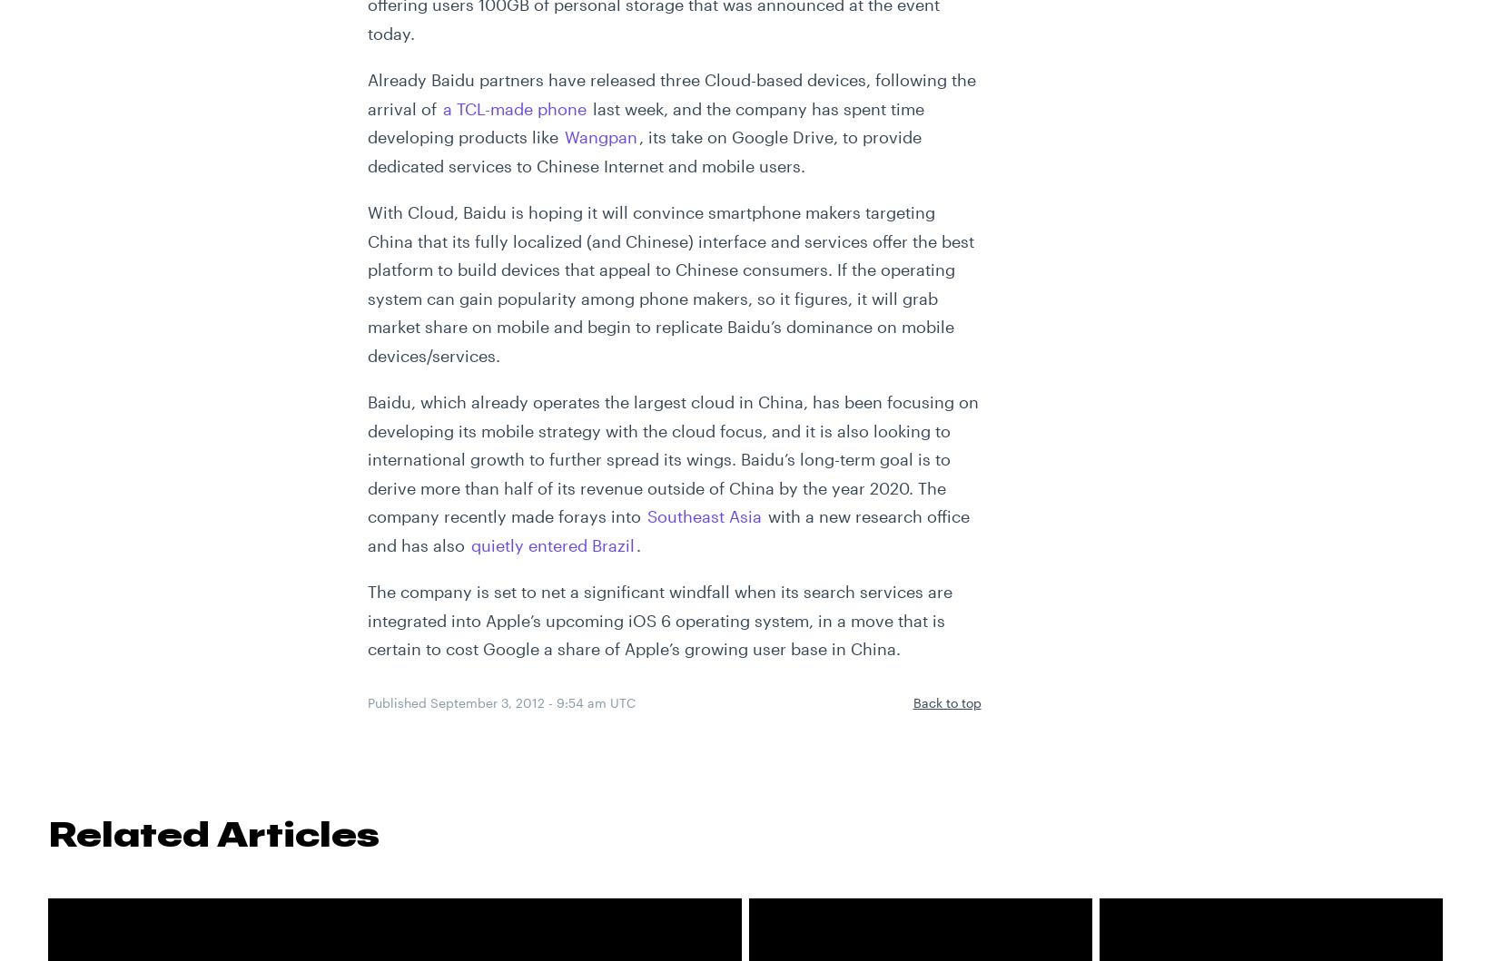 This screenshot has width=1490, height=961. Describe the element at coordinates (666, 529) in the screenshot. I see `'with a new research office and has also'` at that location.